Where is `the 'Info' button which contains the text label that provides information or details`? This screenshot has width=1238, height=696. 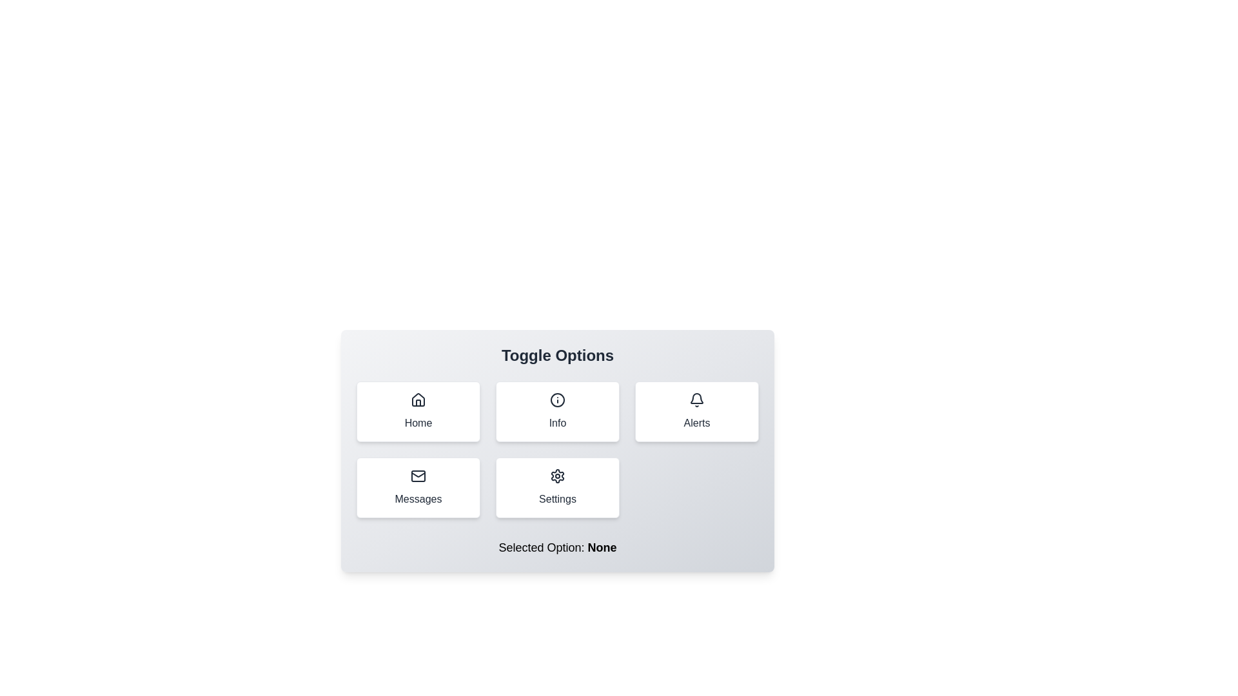
the 'Info' button which contains the text label that provides information or details is located at coordinates (557, 423).